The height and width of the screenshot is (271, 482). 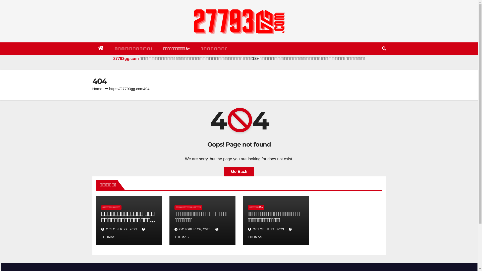 I want to click on 'OCTOBER 29, 2023', so click(x=122, y=229).